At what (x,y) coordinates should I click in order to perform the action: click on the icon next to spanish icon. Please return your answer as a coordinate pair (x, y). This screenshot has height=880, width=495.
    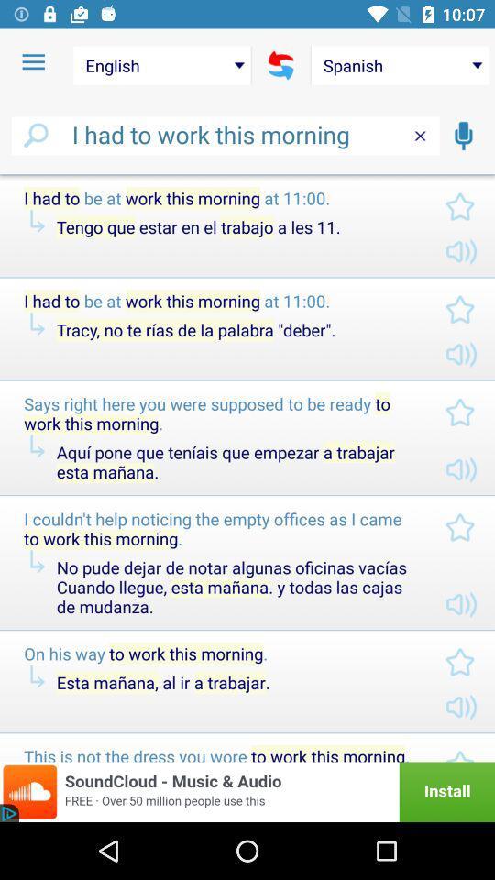
    Looking at the image, I should click on (280, 65).